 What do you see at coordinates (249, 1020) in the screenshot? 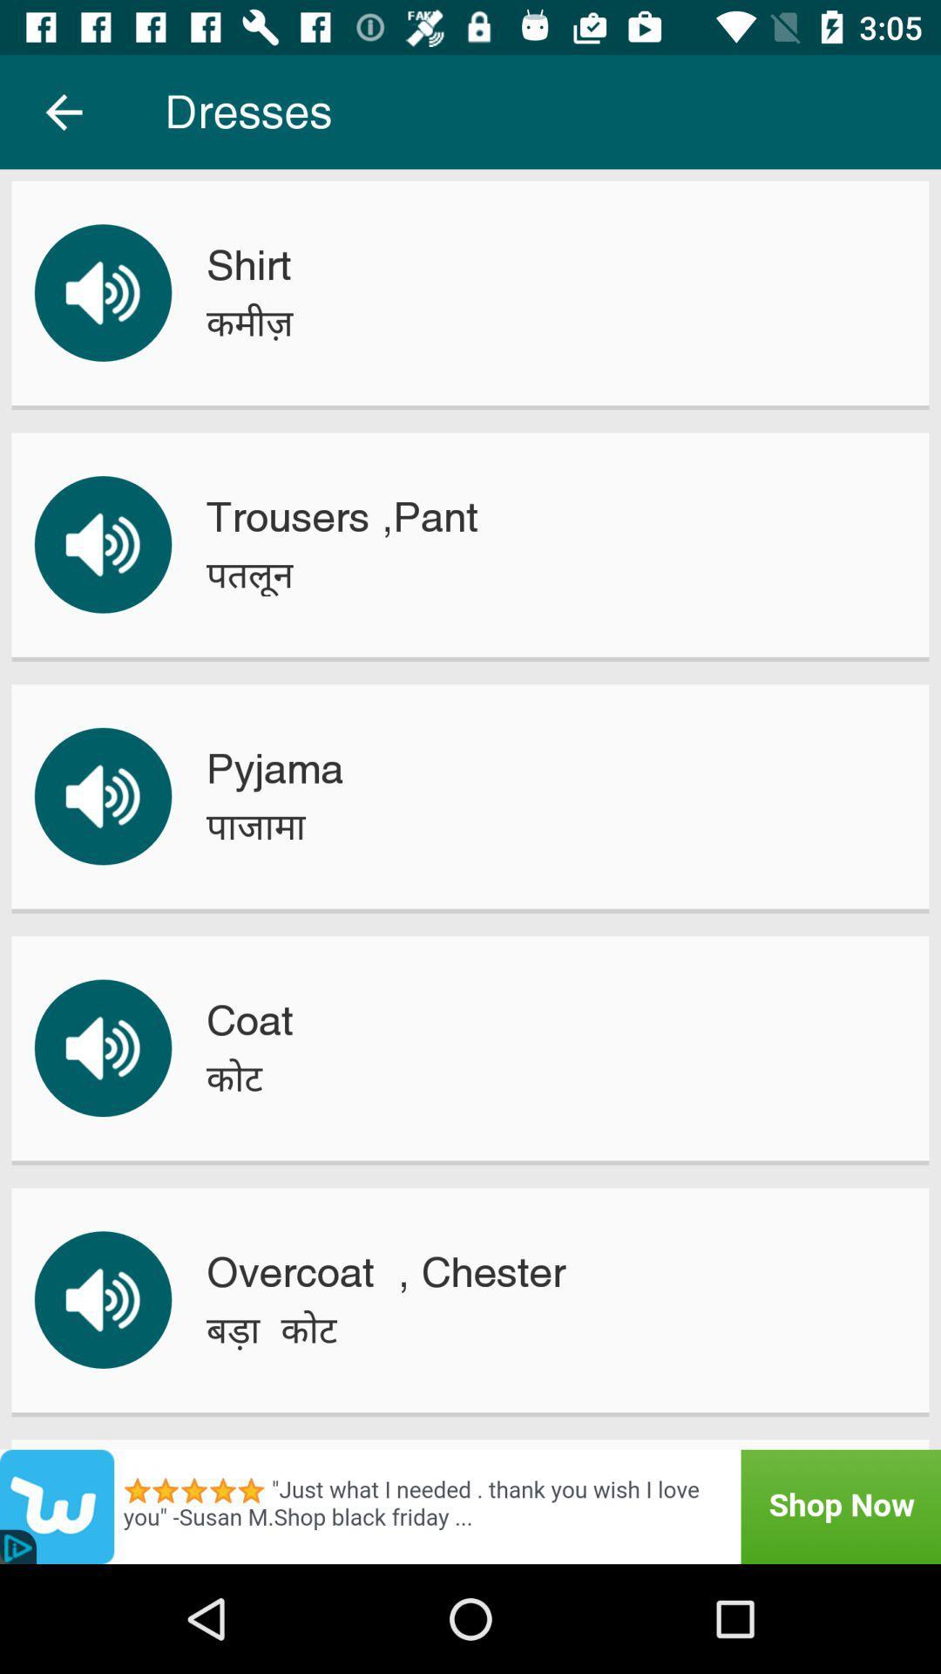
I see `coat` at bounding box center [249, 1020].